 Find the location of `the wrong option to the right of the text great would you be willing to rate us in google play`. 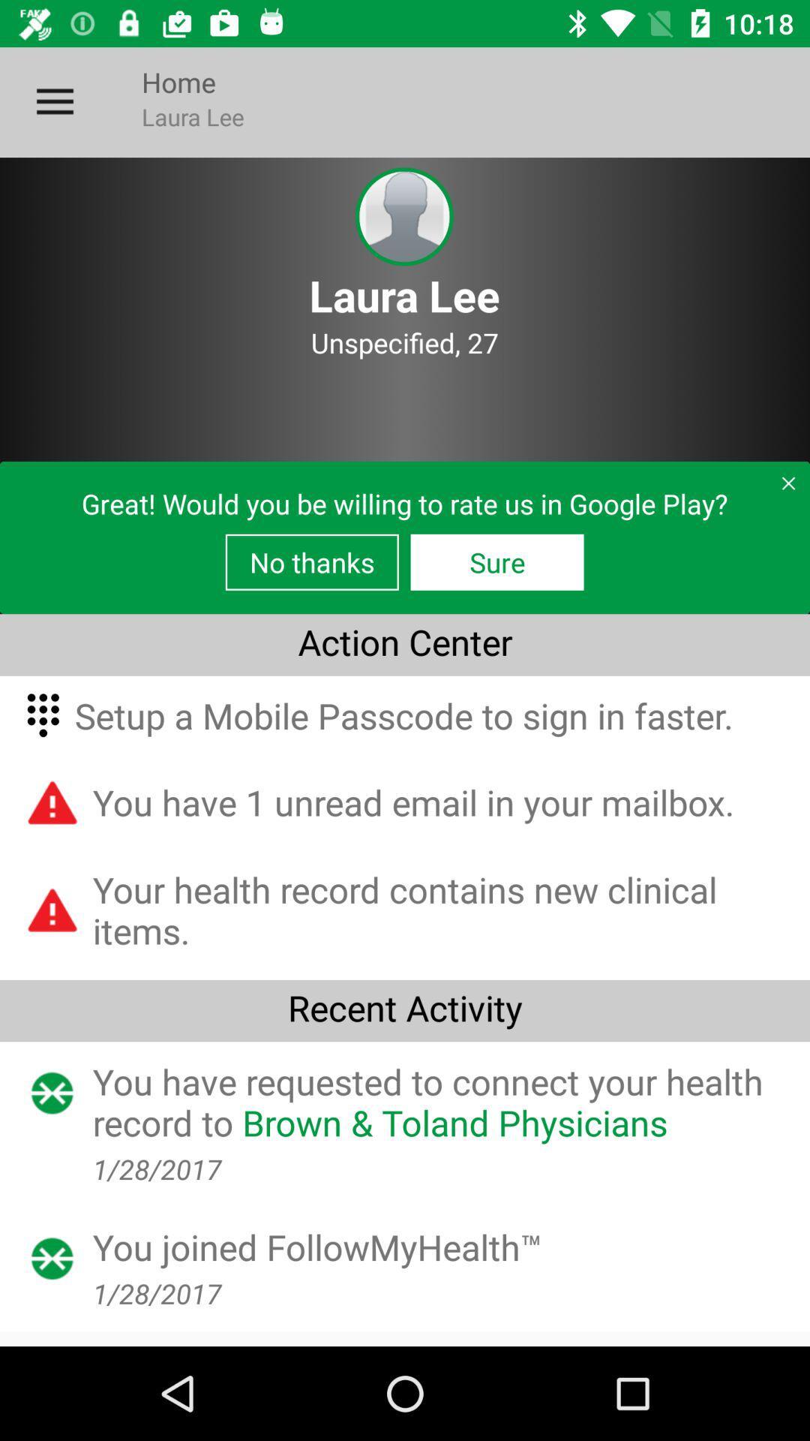

the wrong option to the right of the text great would you be willing to rate us in google play is located at coordinates (781, 489).